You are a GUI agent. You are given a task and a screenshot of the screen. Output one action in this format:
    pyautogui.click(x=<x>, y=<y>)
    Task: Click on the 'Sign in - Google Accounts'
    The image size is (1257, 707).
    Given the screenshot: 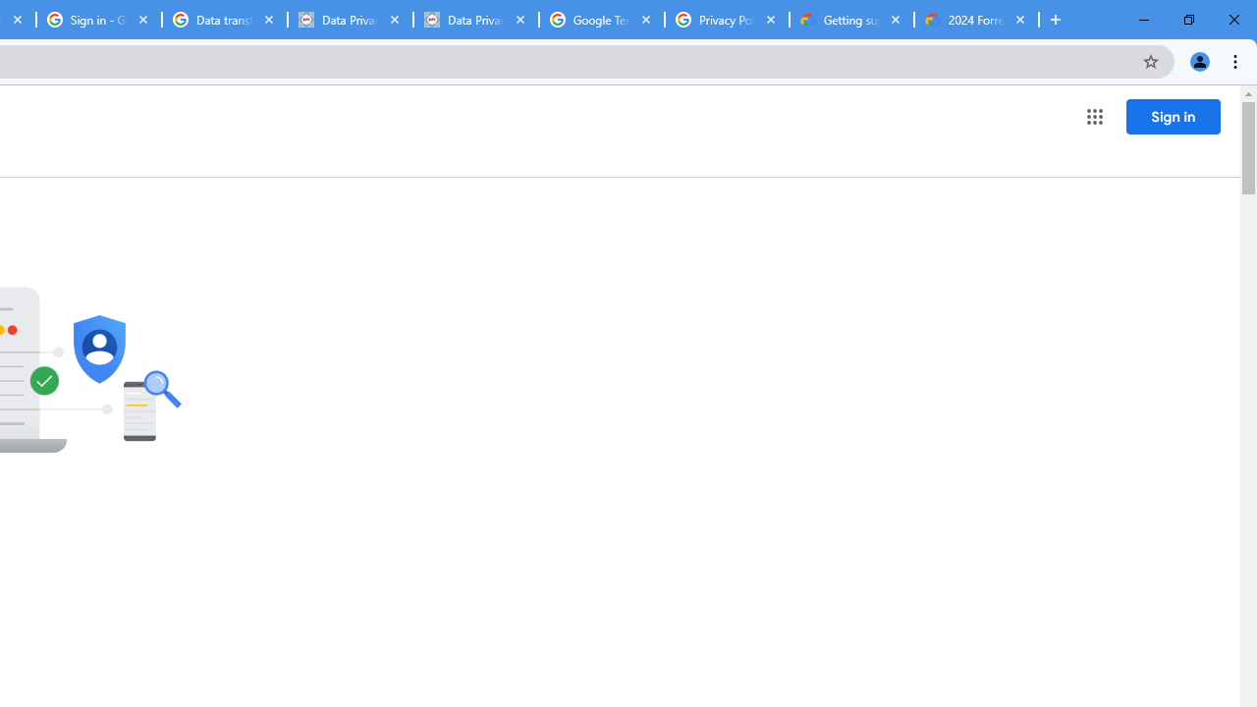 What is the action you would take?
    pyautogui.click(x=98, y=20)
    